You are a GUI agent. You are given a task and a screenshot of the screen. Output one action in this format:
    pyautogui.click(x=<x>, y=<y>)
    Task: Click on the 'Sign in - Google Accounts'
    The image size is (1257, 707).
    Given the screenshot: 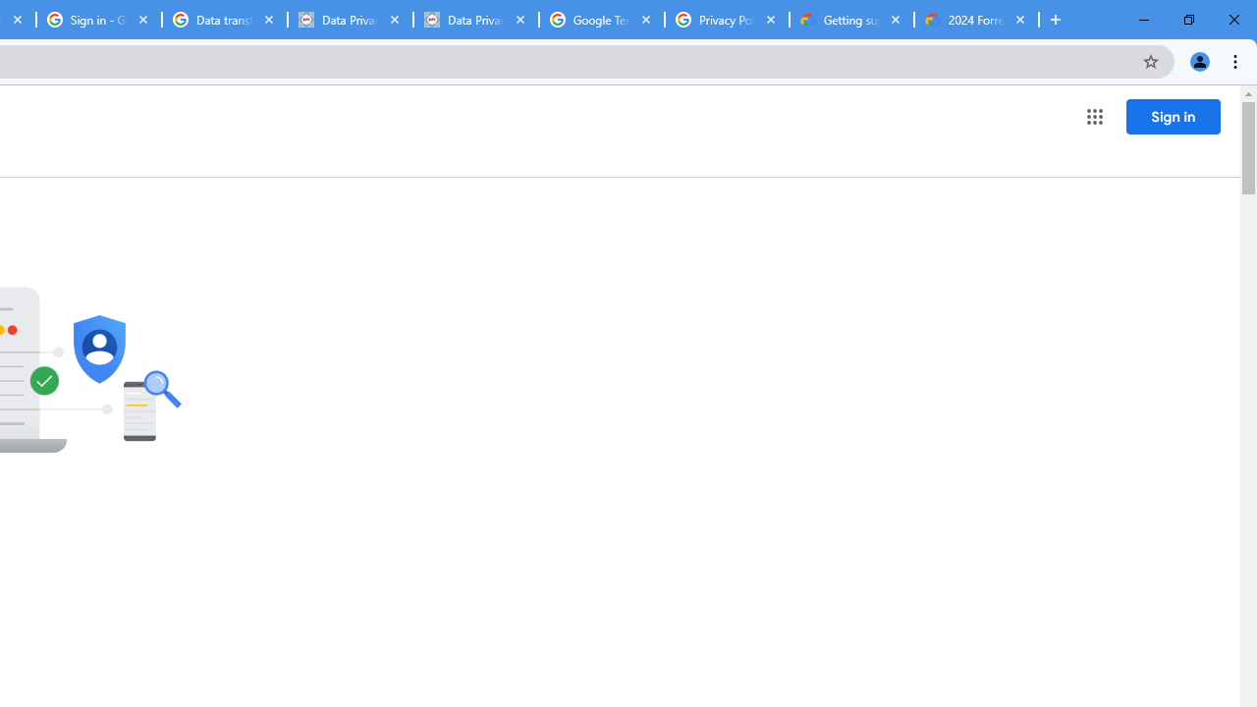 What is the action you would take?
    pyautogui.click(x=98, y=20)
    